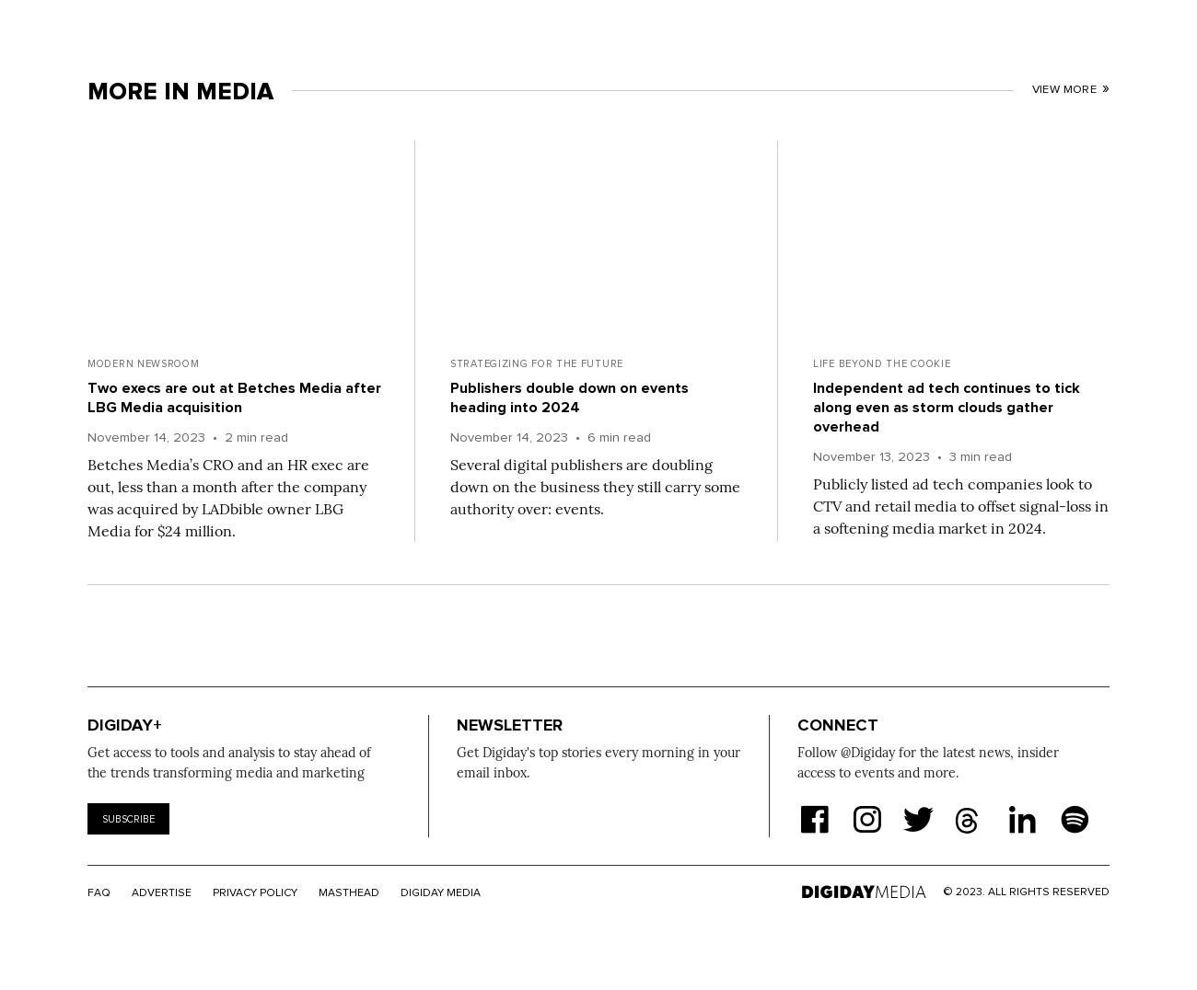 This screenshot has width=1197, height=990. I want to click on 'Strategizing for the Future', so click(535, 363).